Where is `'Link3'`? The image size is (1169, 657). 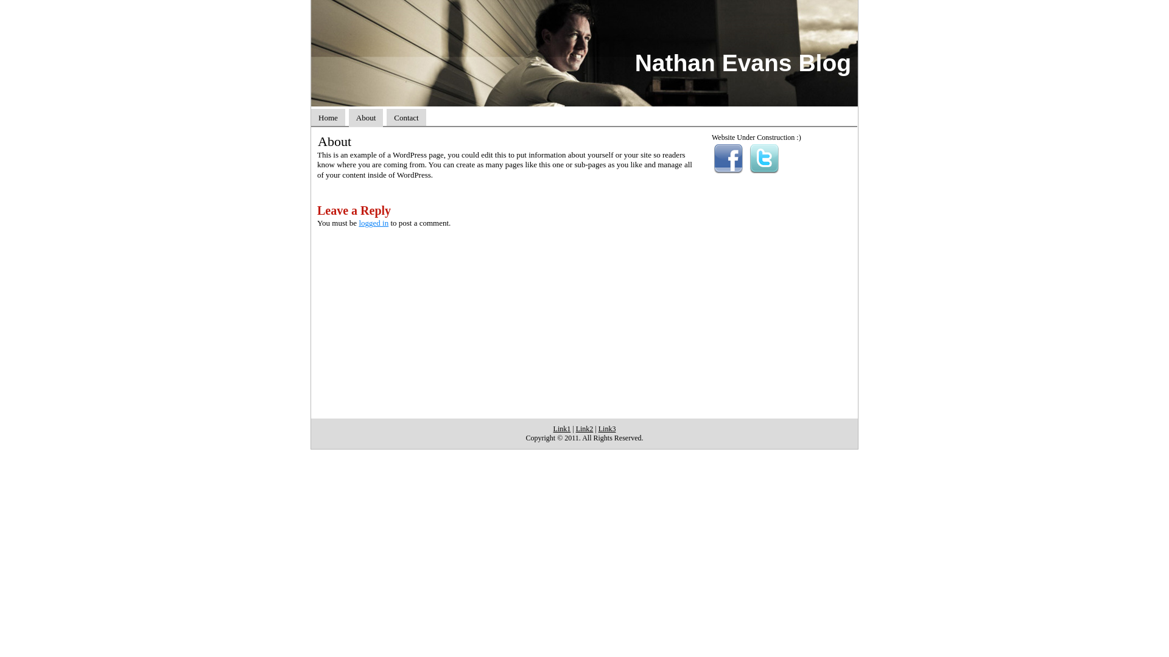 'Link3' is located at coordinates (607, 428).